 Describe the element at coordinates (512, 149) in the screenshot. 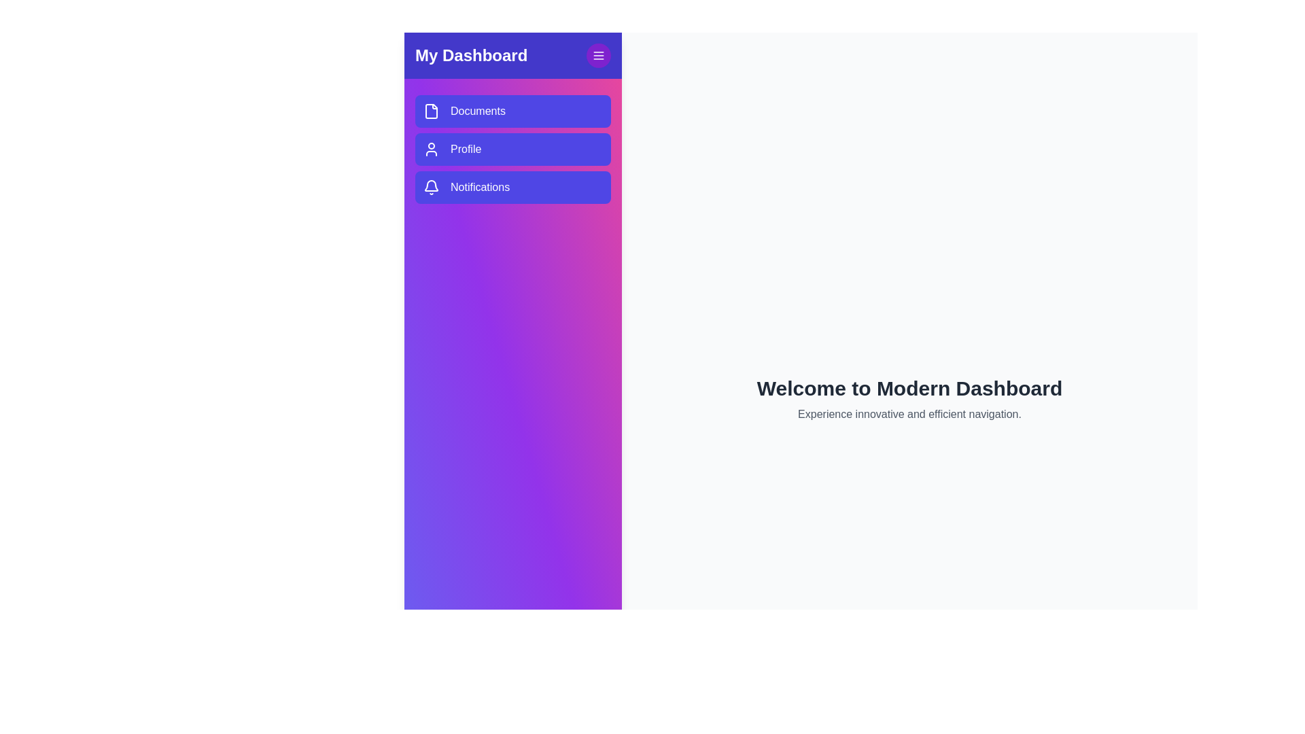

I see `the 'Profile' button to navigate to the profile section` at that location.